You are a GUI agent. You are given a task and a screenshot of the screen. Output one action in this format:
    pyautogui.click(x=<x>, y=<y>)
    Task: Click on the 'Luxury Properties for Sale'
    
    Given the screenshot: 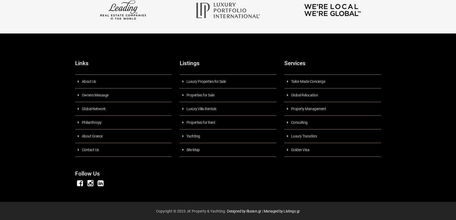 What is the action you would take?
    pyautogui.click(x=205, y=81)
    